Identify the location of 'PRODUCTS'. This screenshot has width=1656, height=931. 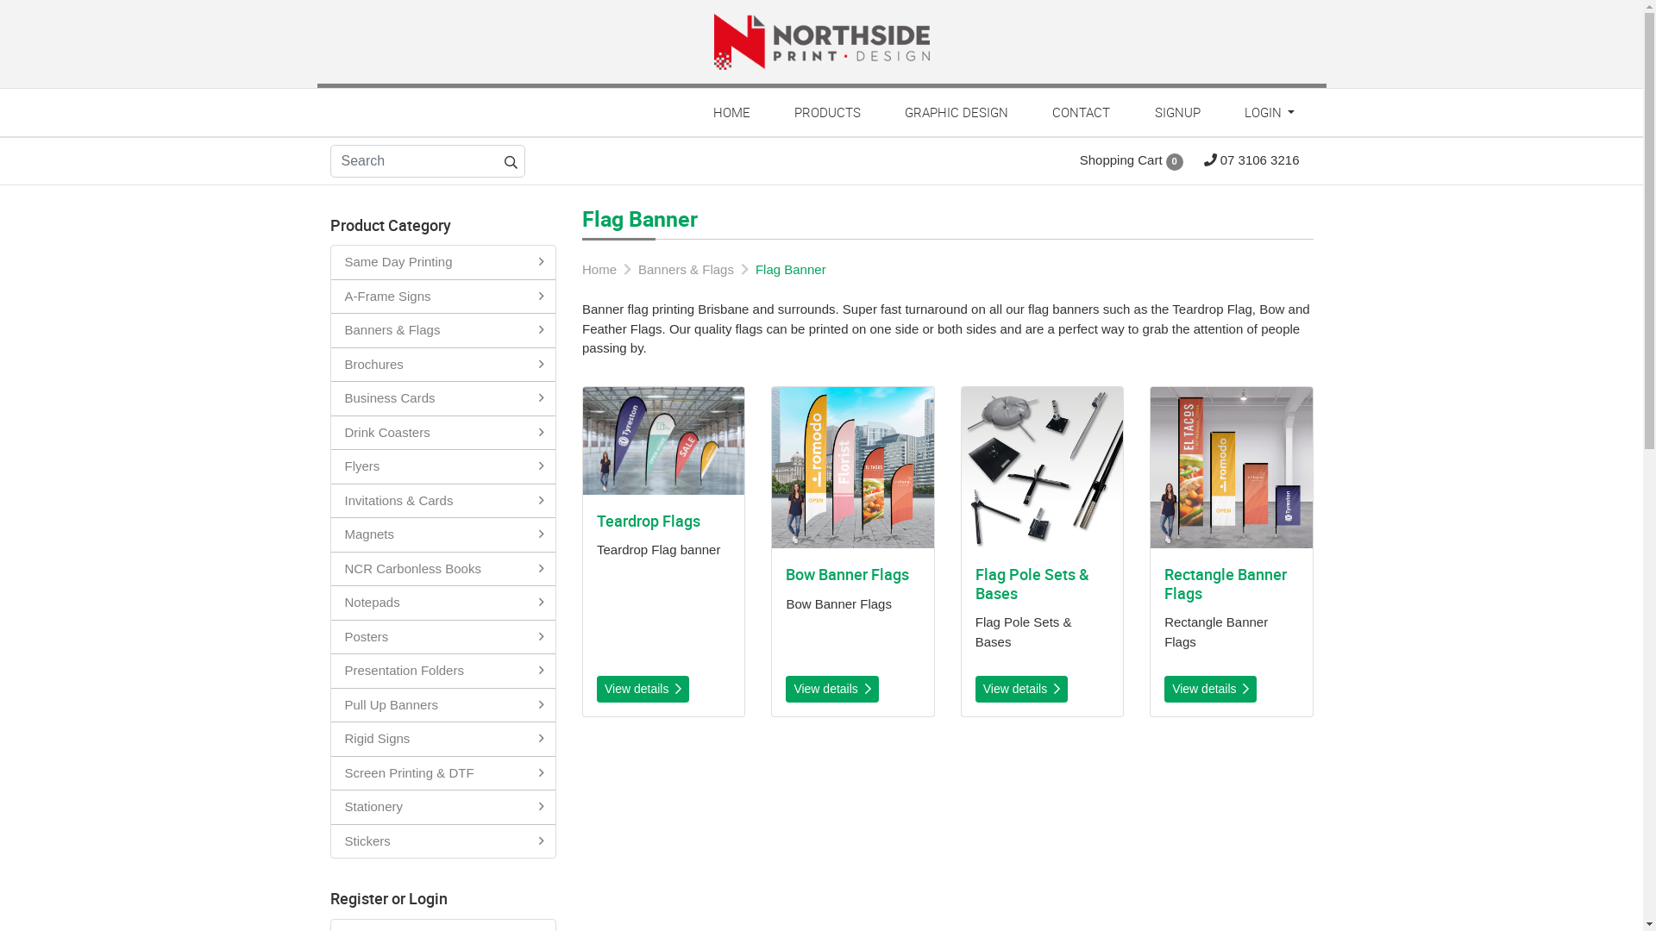
(826, 112).